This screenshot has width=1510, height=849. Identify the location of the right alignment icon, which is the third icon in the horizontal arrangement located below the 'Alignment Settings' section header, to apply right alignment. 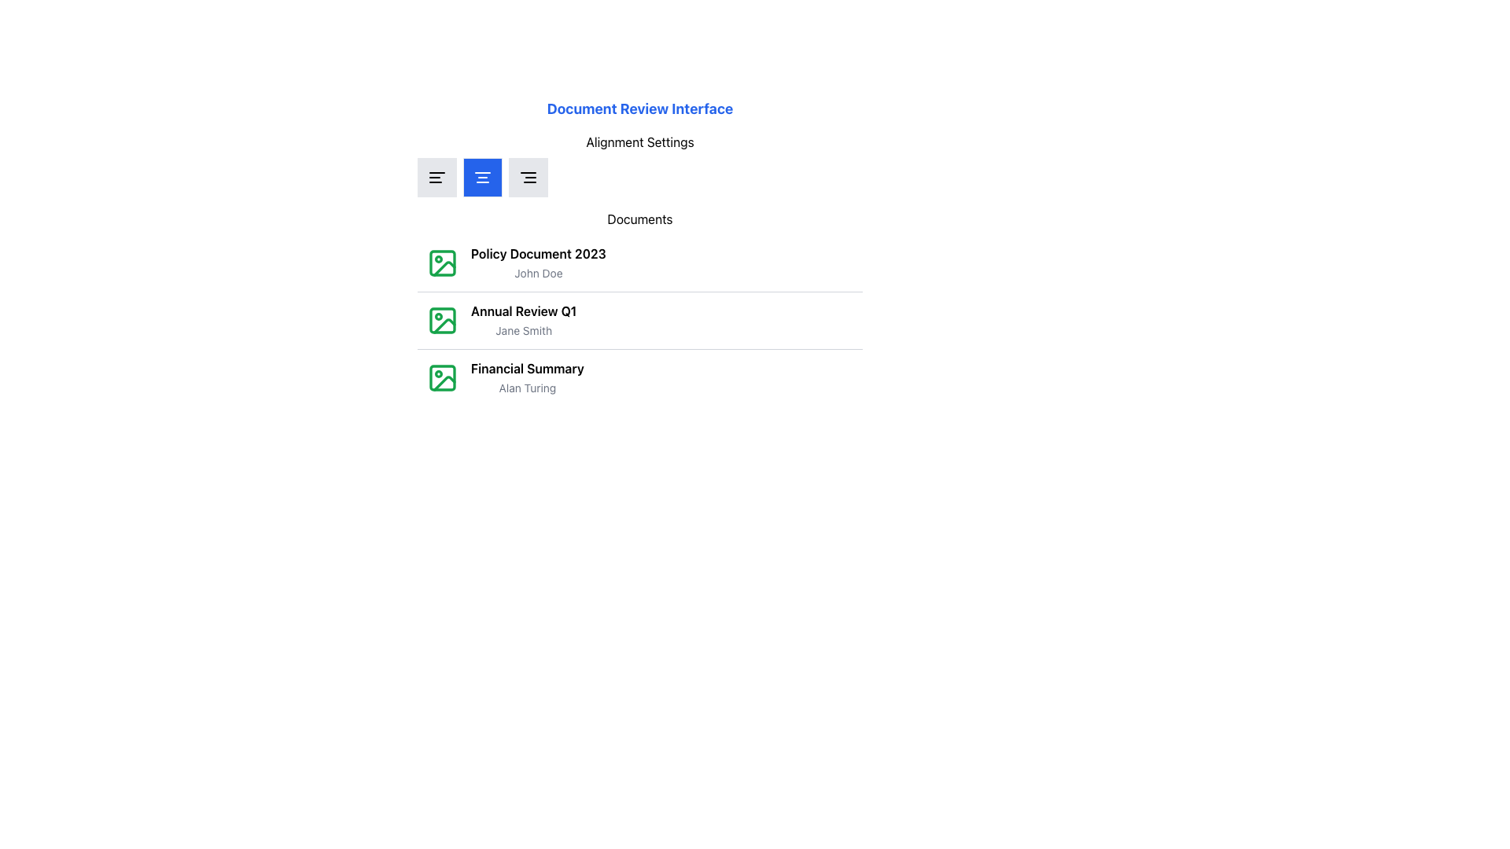
(528, 177).